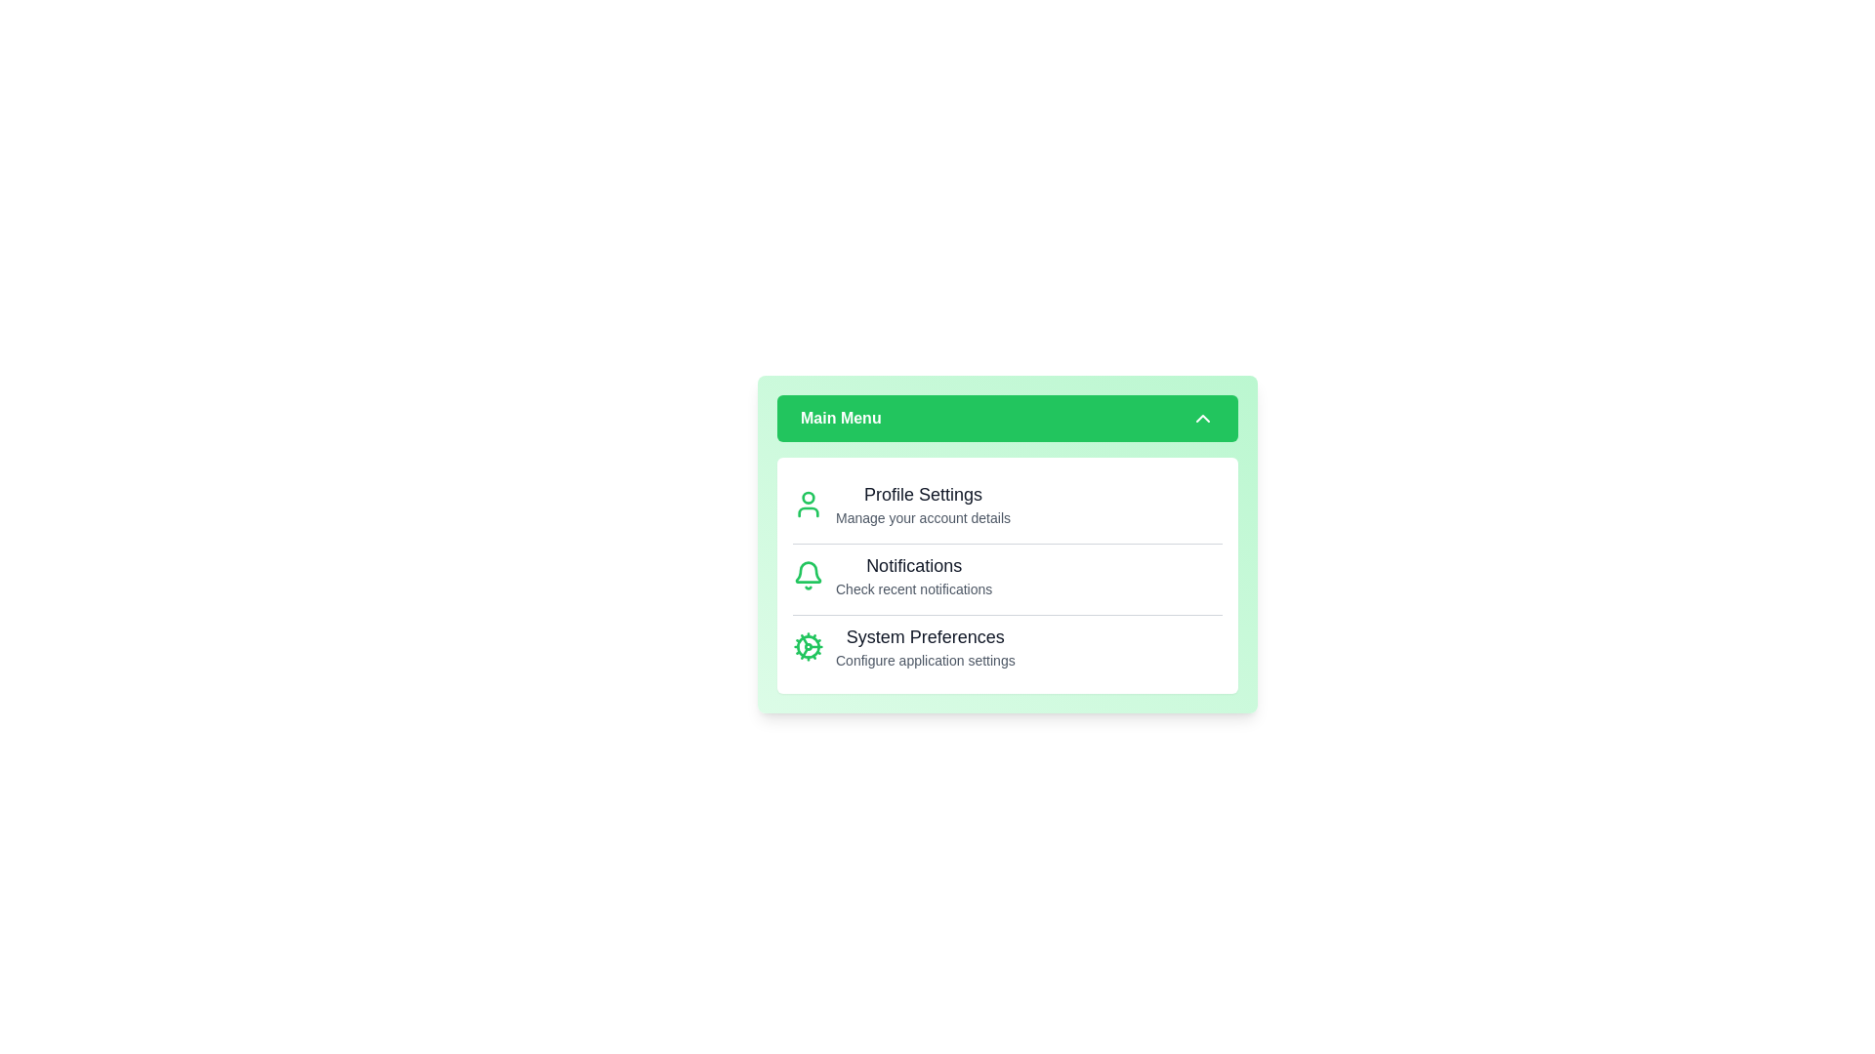  I want to click on the 'Notifications' option in the menu, so click(1008, 574).